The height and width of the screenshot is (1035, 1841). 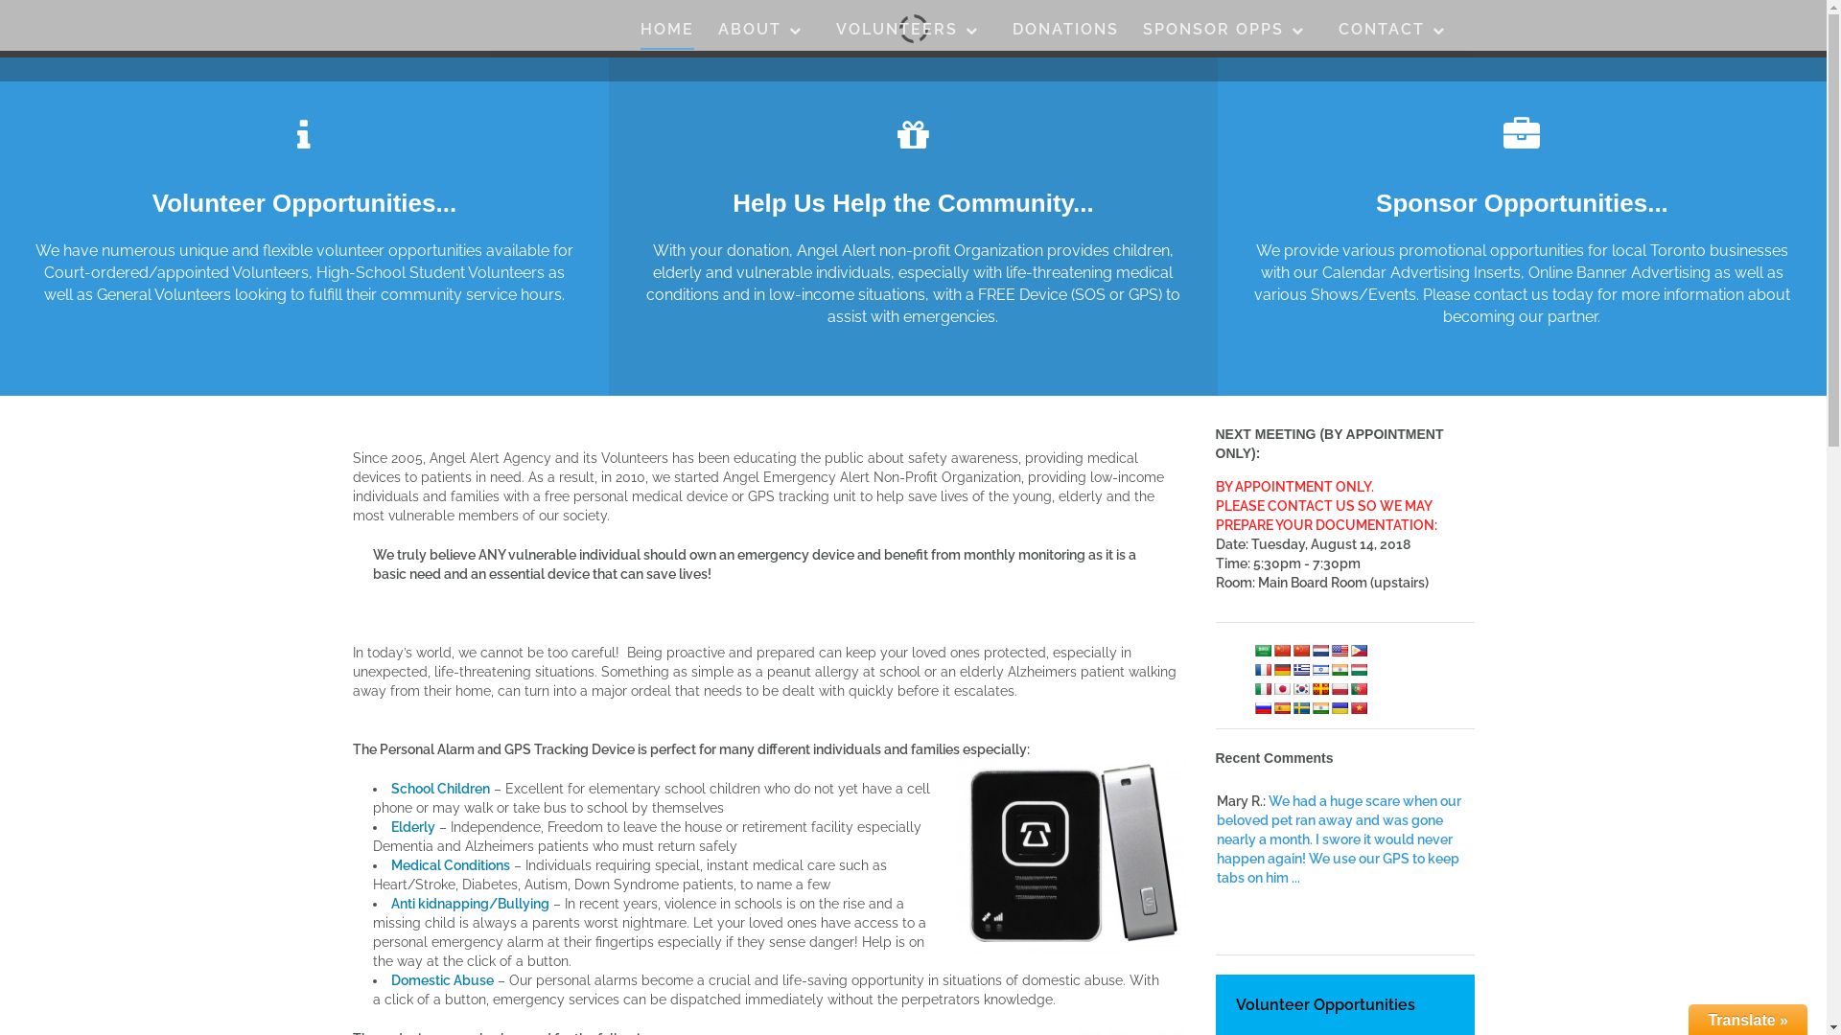 What do you see at coordinates (1262, 686) in the screenshot?
I see `'Italian'` at bounding box center [1262, 686].